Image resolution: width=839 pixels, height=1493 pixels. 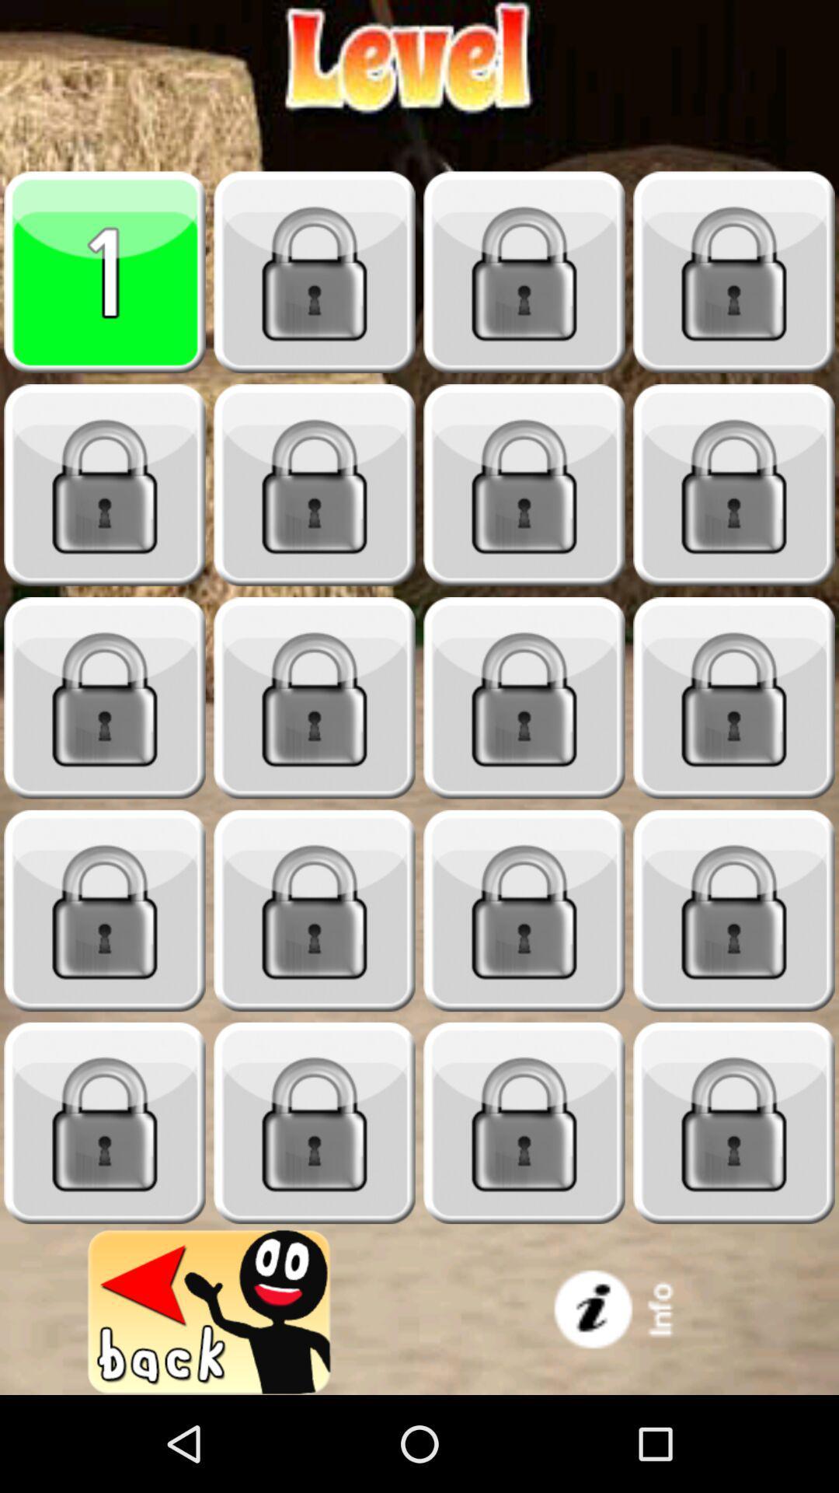 What do you see at coordinates (315, 1123) in the screenshot?
I see `locked level` at bounding box center [315, 1123].